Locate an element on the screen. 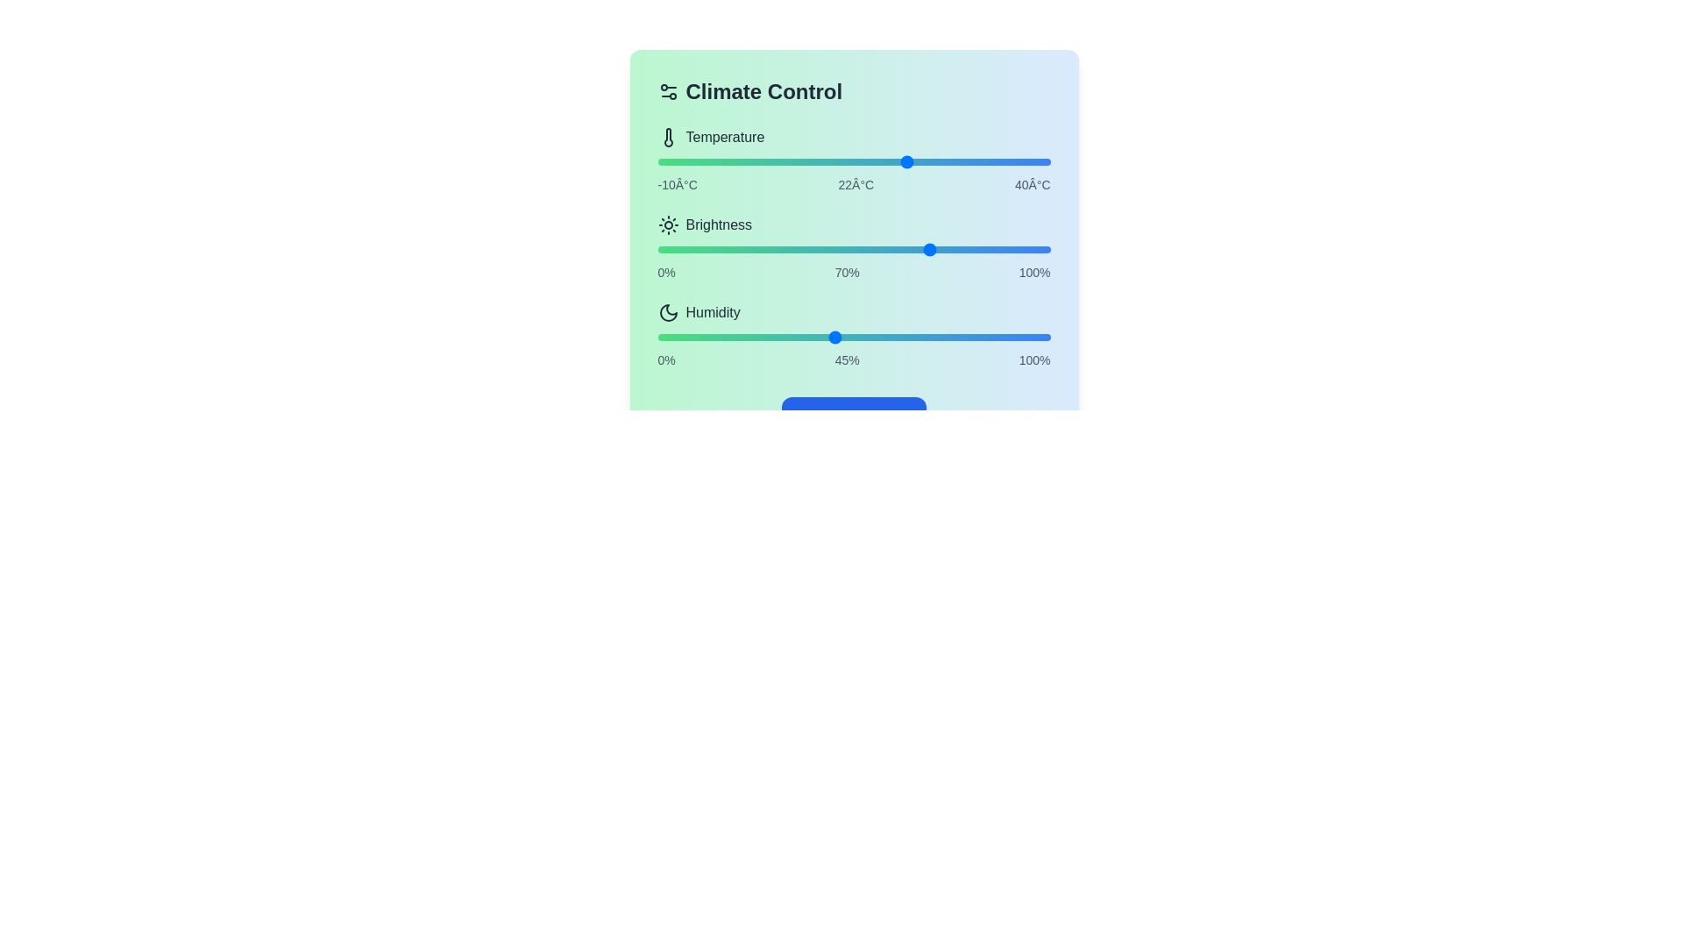 The height and width of the screenshot is (947, 1683). the humidity level is located at coordinates (699, 338).